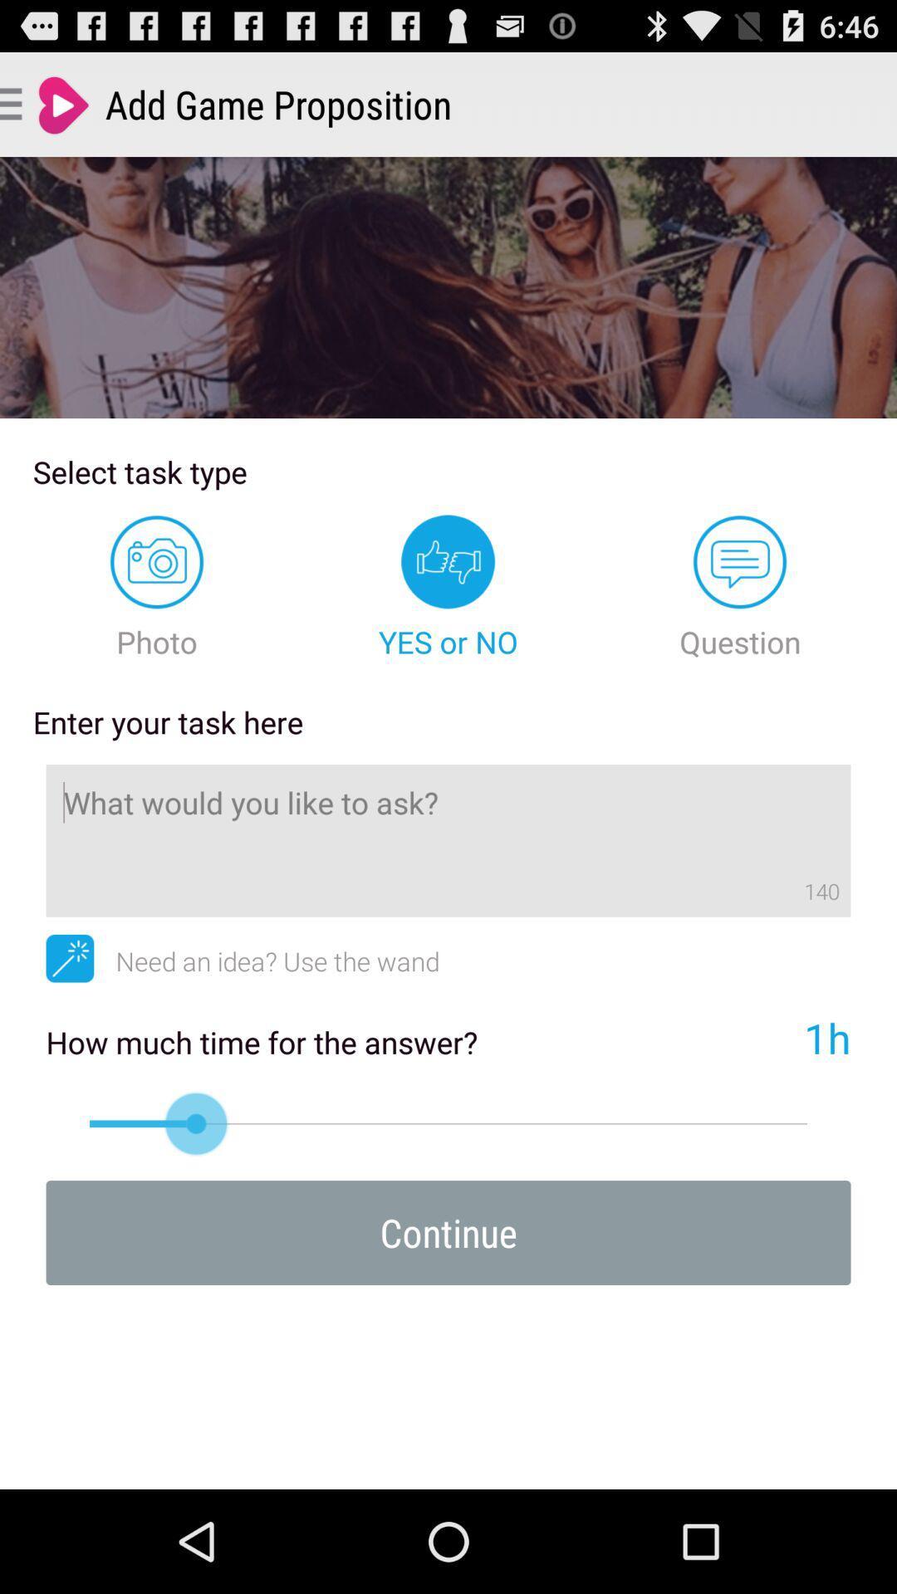  What do you see at coordinates (69, 958) in the screenshot?
I see `the item next to the need an idea item` at bounding box center [69, 958].